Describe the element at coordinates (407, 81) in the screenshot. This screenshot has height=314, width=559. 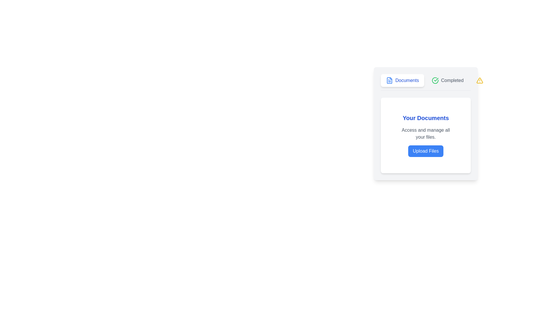
I see `the 'Documents' static text label located in the top-left portion of the rectangular card` at that location.